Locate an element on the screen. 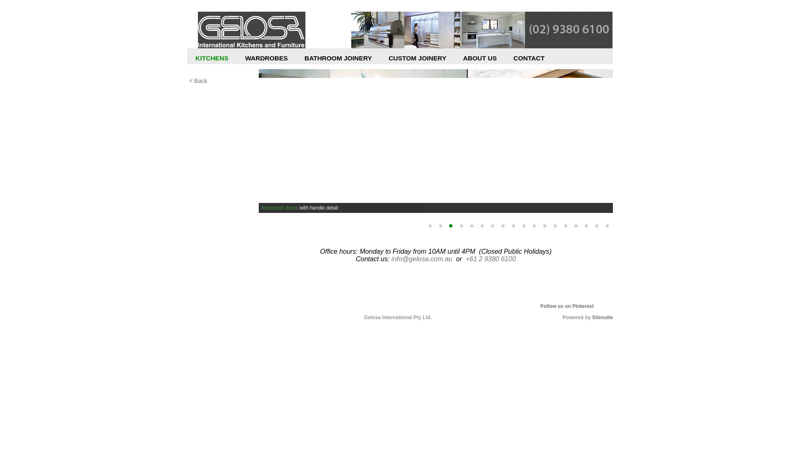 The image size is (800, 450). '16' is located at coordinates (585, 226).